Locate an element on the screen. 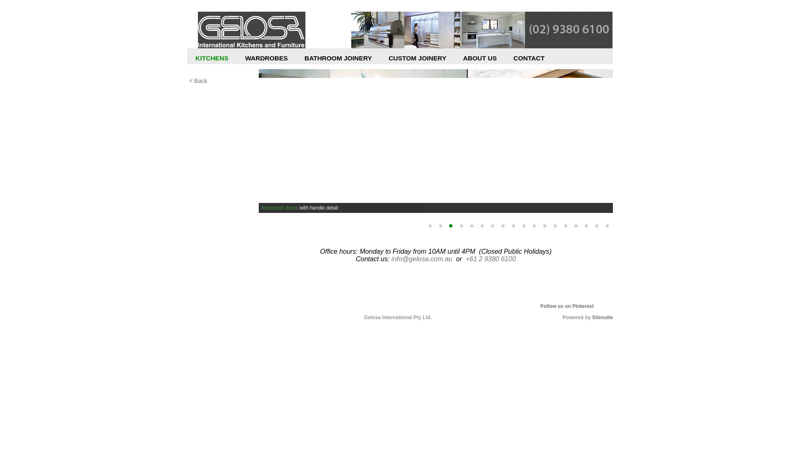 The image size is (800, 450). '16' is located at coordinates (585, 226).